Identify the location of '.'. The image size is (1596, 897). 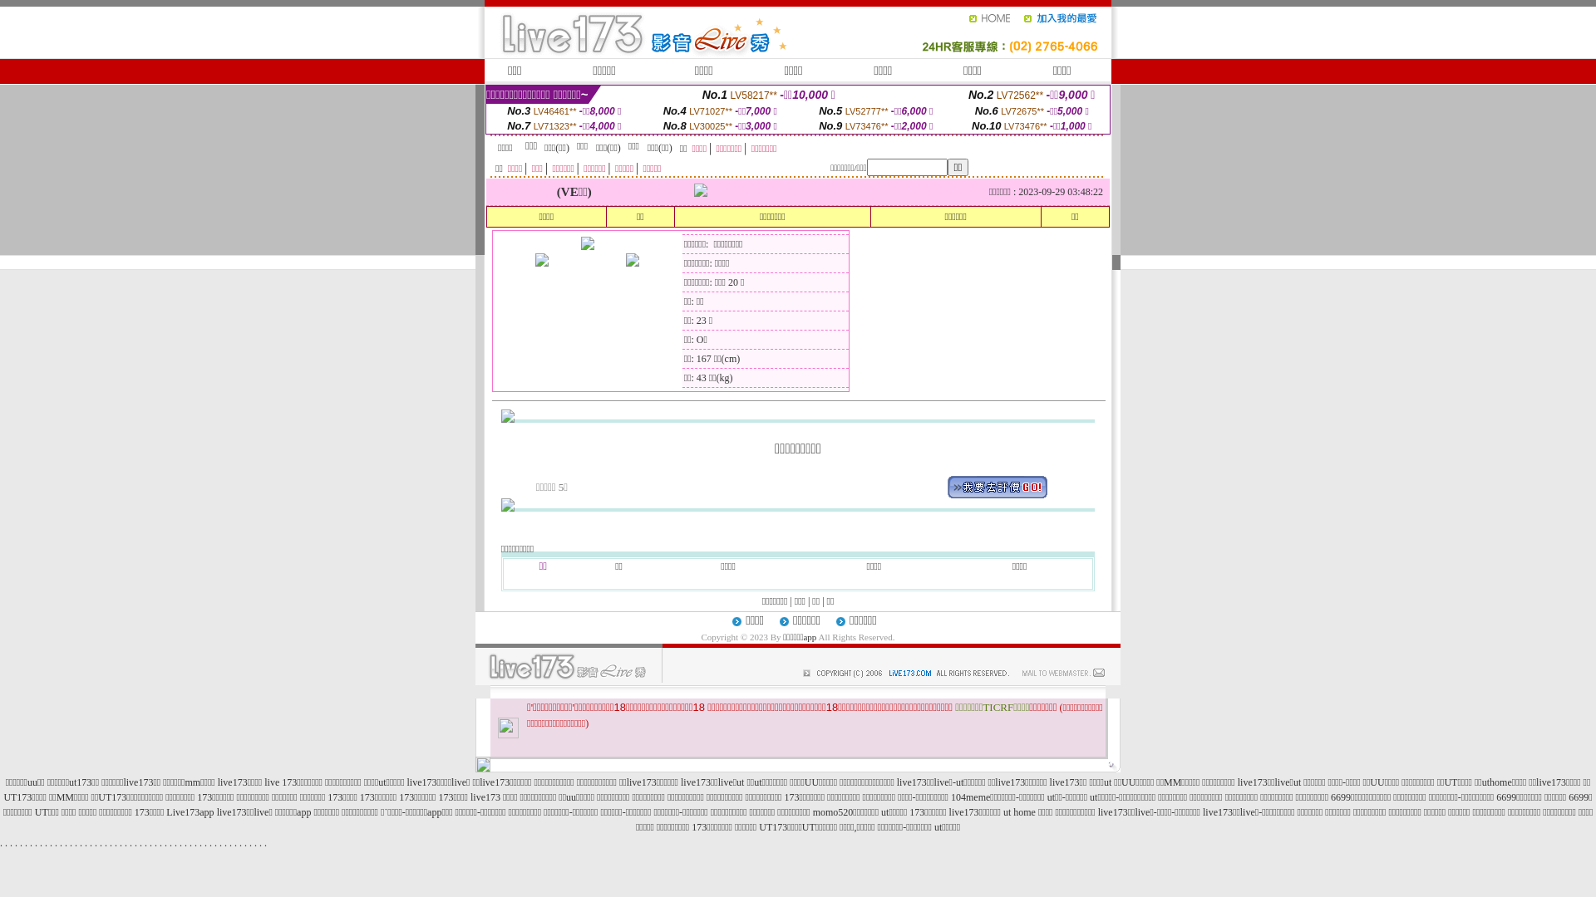
(89, 842).